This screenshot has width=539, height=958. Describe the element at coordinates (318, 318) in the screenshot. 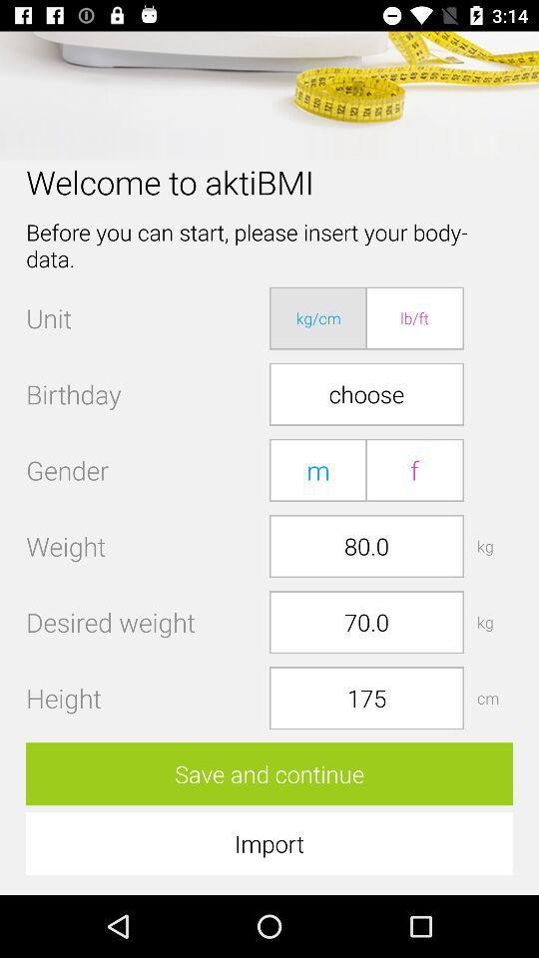

I see `the app next to the unit` at that location.